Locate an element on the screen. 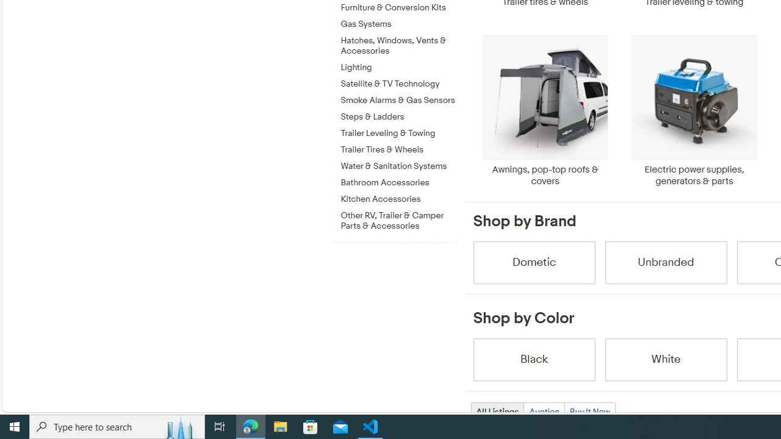  'Trailer Leveling & Towing' is located at coordinates (398, 131).